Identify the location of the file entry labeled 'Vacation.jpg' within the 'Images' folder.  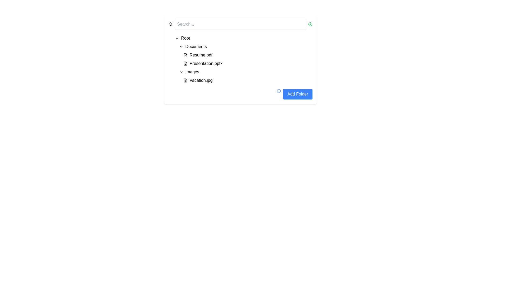
(246, 80).